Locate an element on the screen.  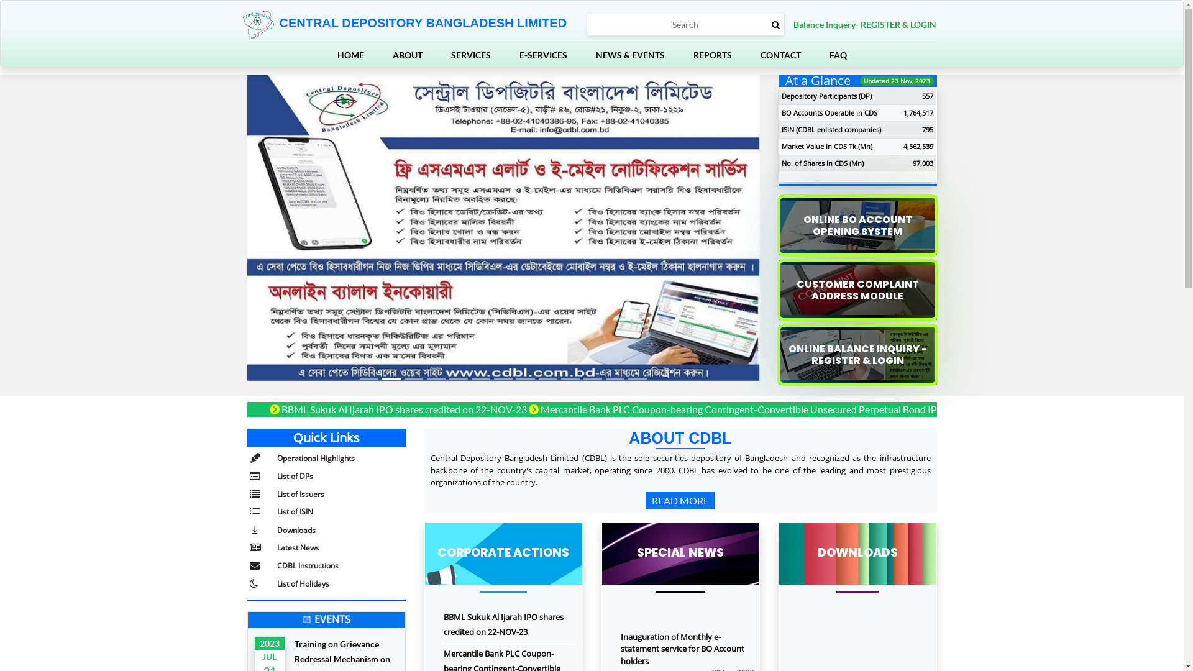
'NEWS & EVENTS' is located at coordinates (590, 54).